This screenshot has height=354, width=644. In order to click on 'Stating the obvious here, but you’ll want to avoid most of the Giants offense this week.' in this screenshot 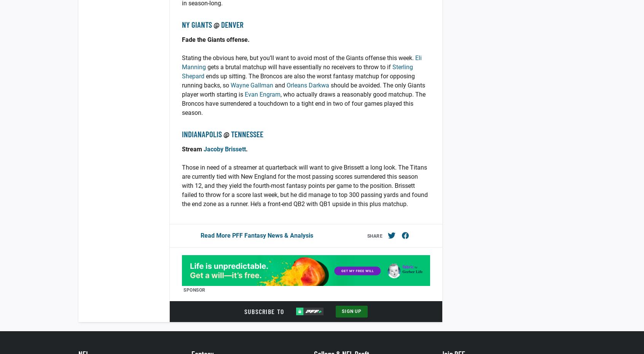, I will do `click(181, 57)`.